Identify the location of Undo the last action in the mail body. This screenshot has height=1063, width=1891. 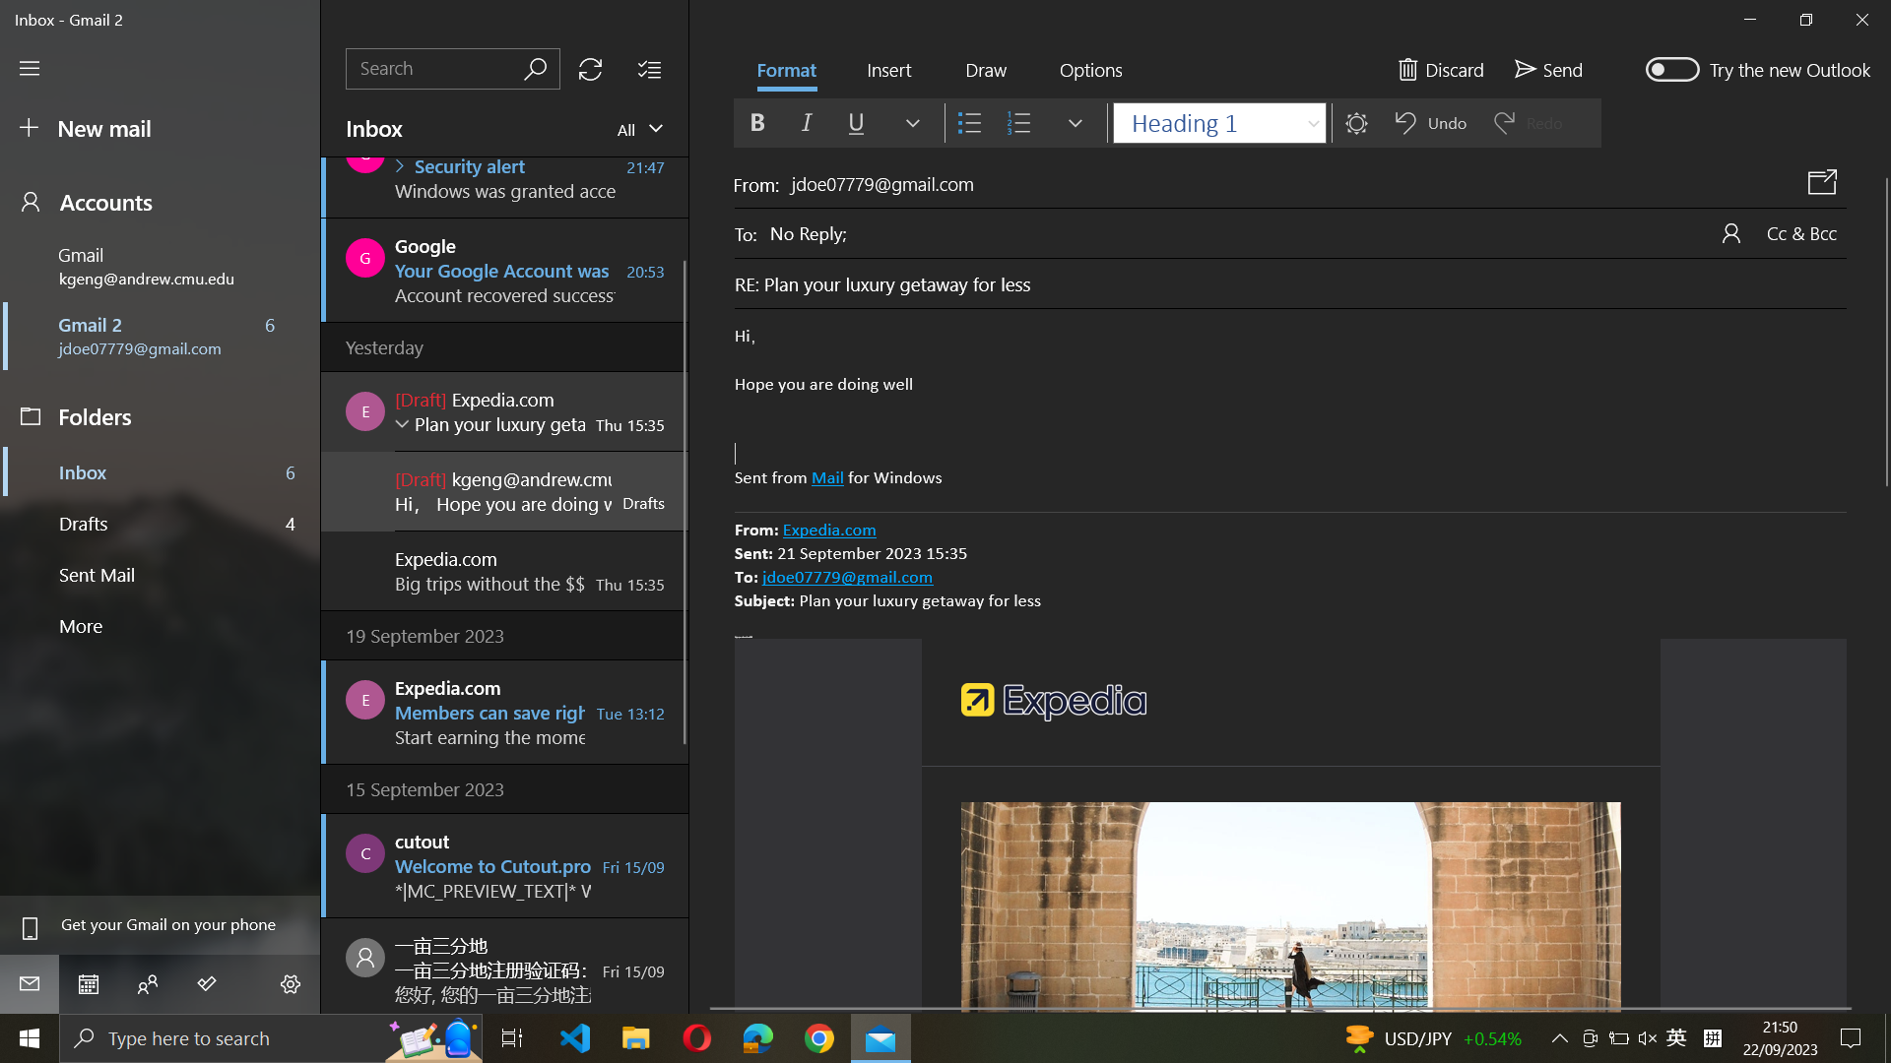
(1290, 407).